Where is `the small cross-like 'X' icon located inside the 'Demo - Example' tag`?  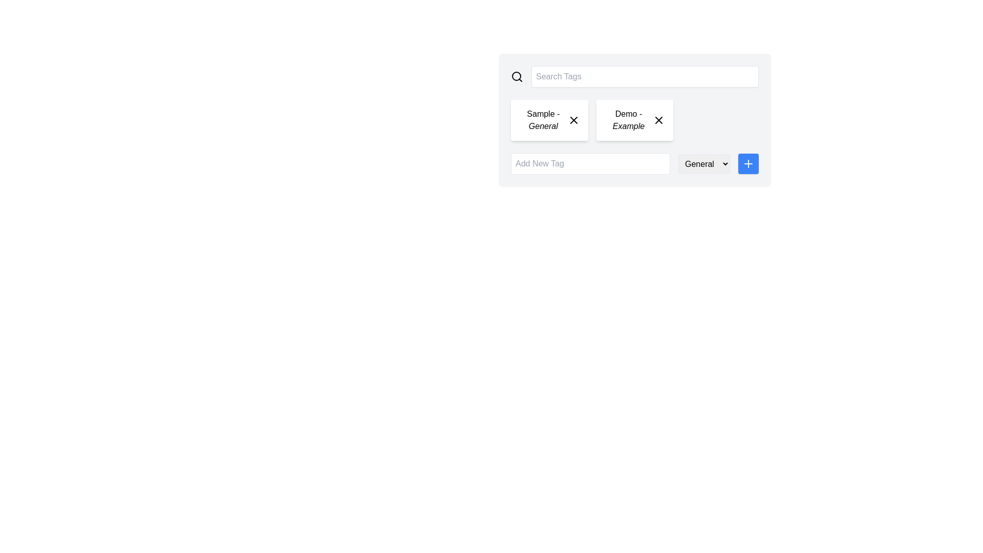
the small cross-like 'X' icon located inside the 'Demo - Example' tag is located at coordinates (659, 120).